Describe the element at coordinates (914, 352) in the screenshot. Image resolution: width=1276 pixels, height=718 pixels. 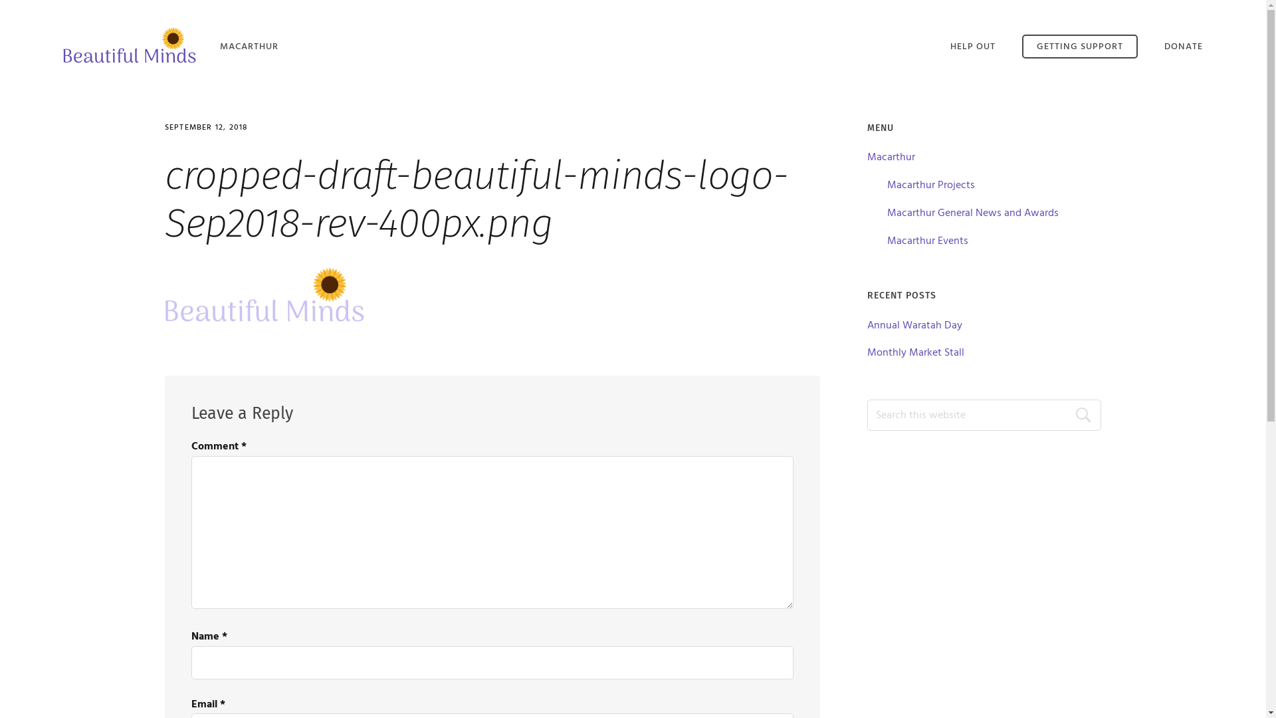
I see `'Monthly Market Stall'` at that location.